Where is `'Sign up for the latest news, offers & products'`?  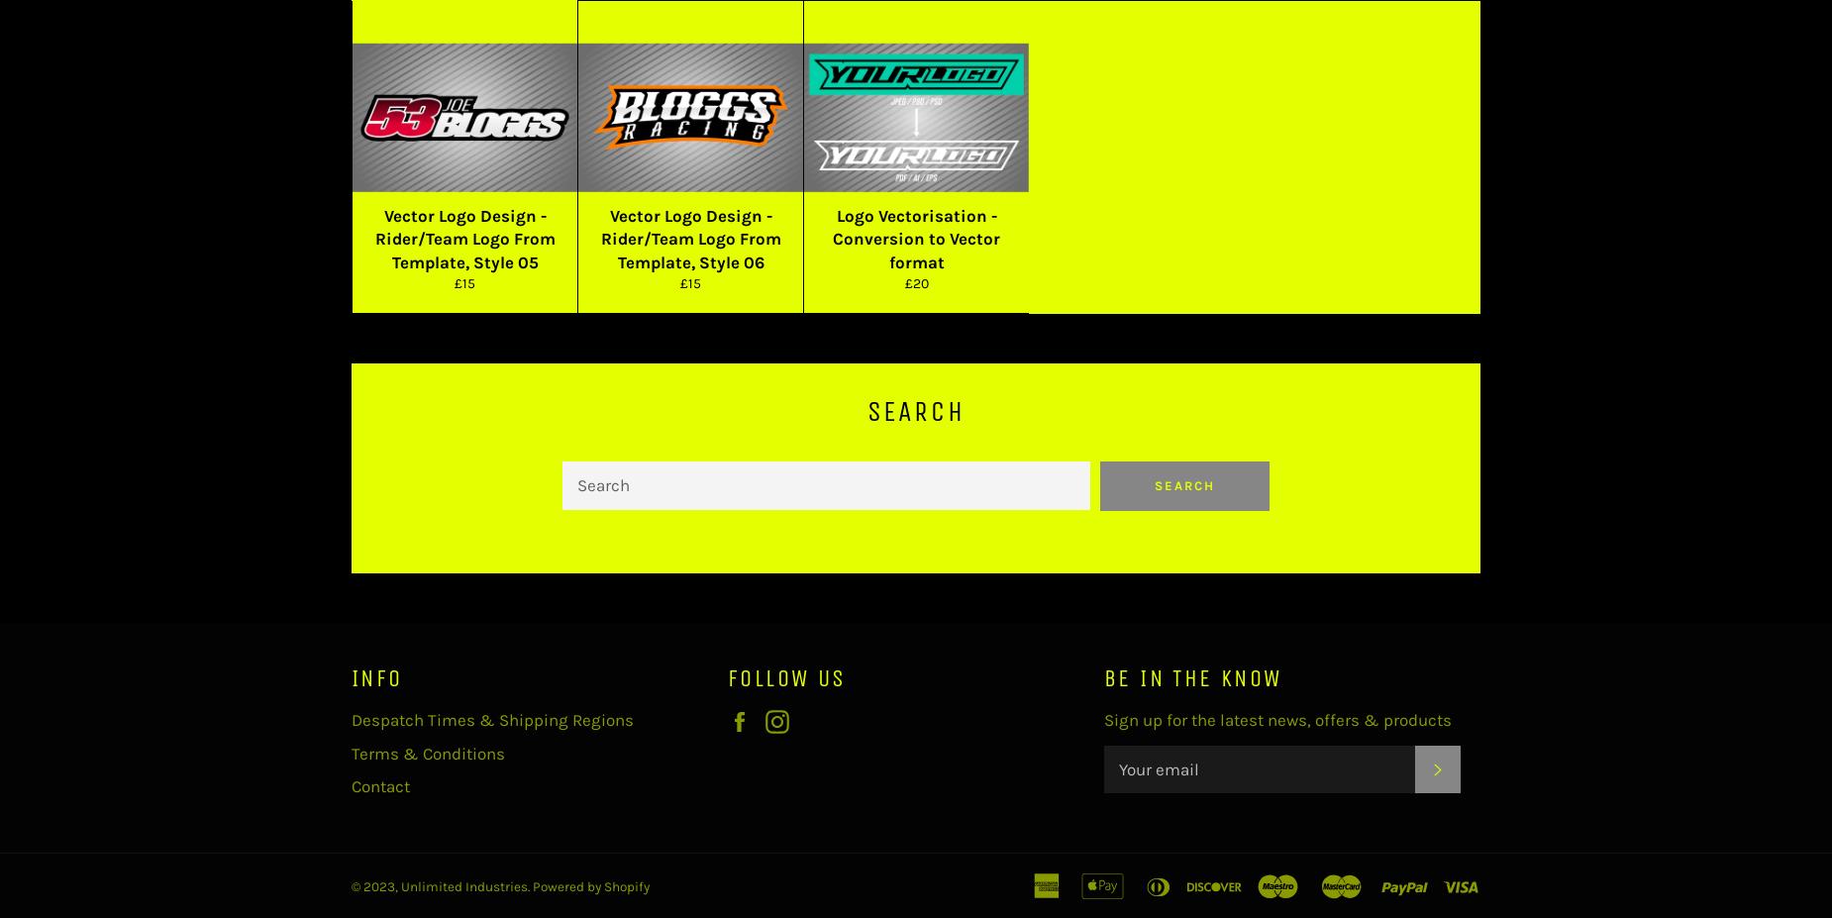 'Sign up for the latest news, offers & products' is located at coordinates (1276, 719).